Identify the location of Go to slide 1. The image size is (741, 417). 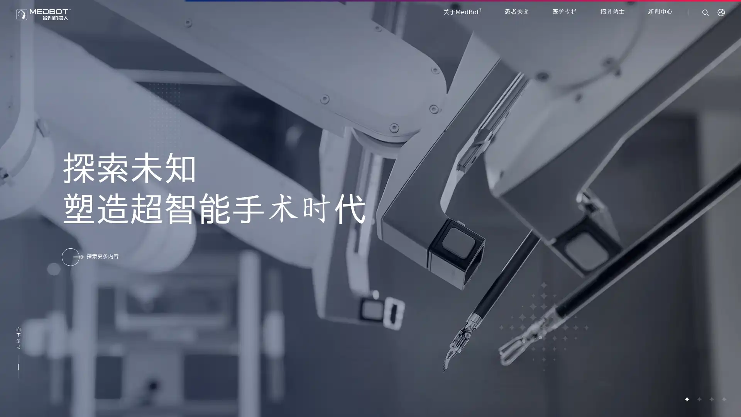
(687, 399).